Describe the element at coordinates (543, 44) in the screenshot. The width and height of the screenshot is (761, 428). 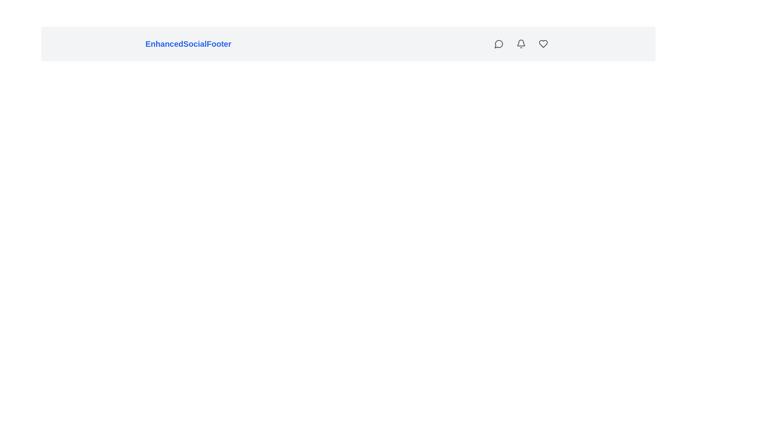
I see `the heart-shaped icon, which is the fourth icon in the top-right horizontal toolbar` at that location.